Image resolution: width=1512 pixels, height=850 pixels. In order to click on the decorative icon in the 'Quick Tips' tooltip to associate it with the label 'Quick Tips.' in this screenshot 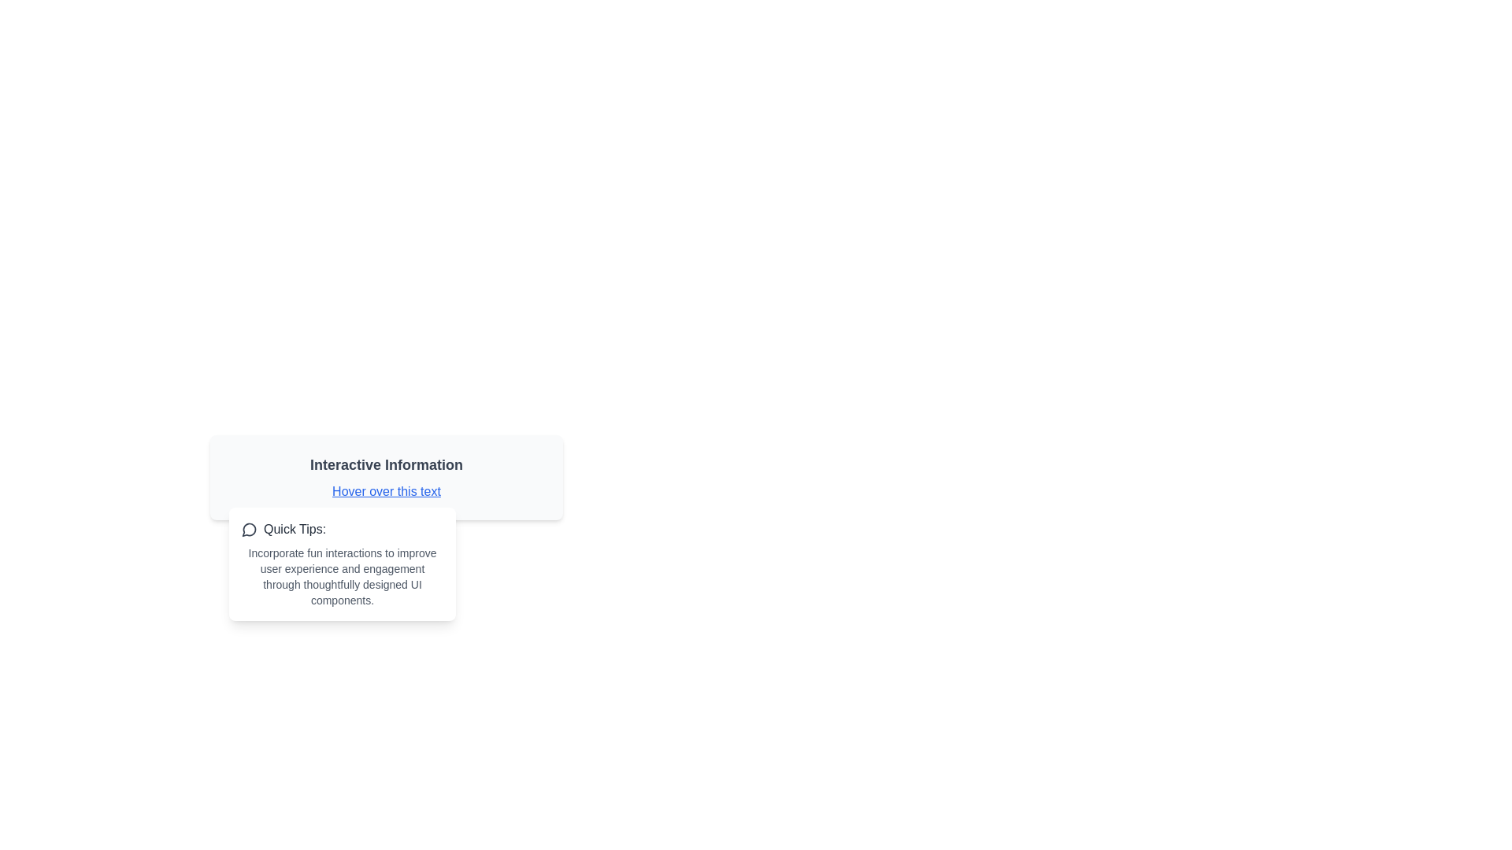, I will do `click(248, 530)`.